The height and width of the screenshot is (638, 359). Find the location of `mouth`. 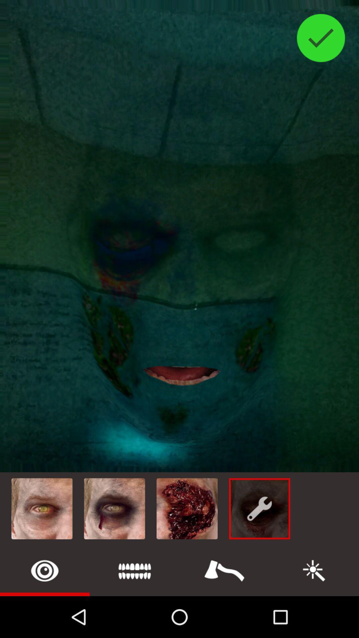

mouth is located at coordinates (135, 570).